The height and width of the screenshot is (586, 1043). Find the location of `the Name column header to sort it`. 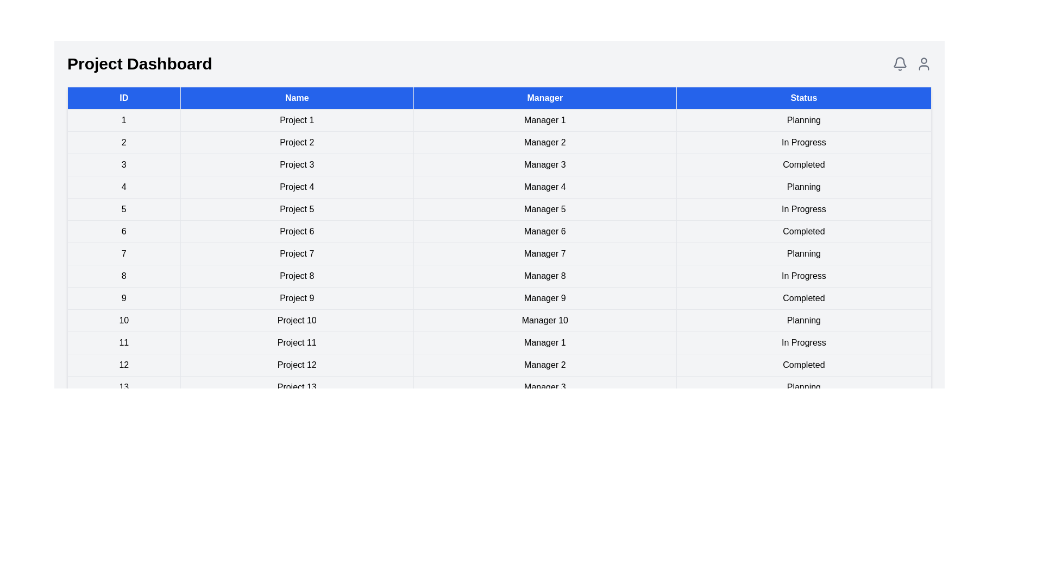

the Name column header to sort it is located at coordinates (297, 98).